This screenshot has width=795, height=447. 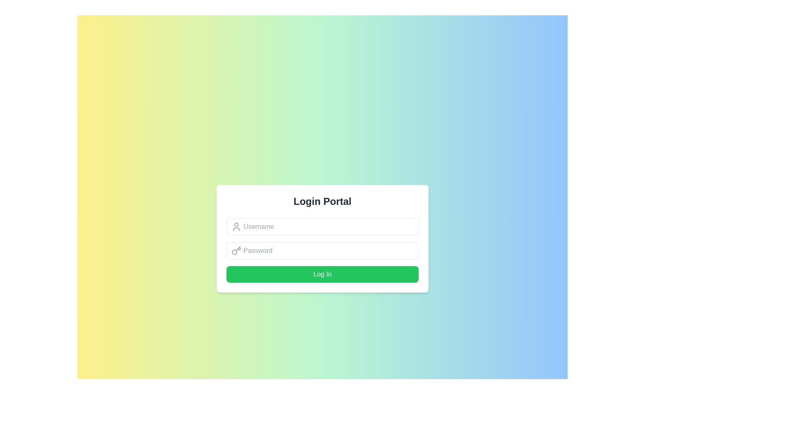 I want to click on the user silhouette icon located to the left of the username input field in the login form, so click(x=236, y=226).